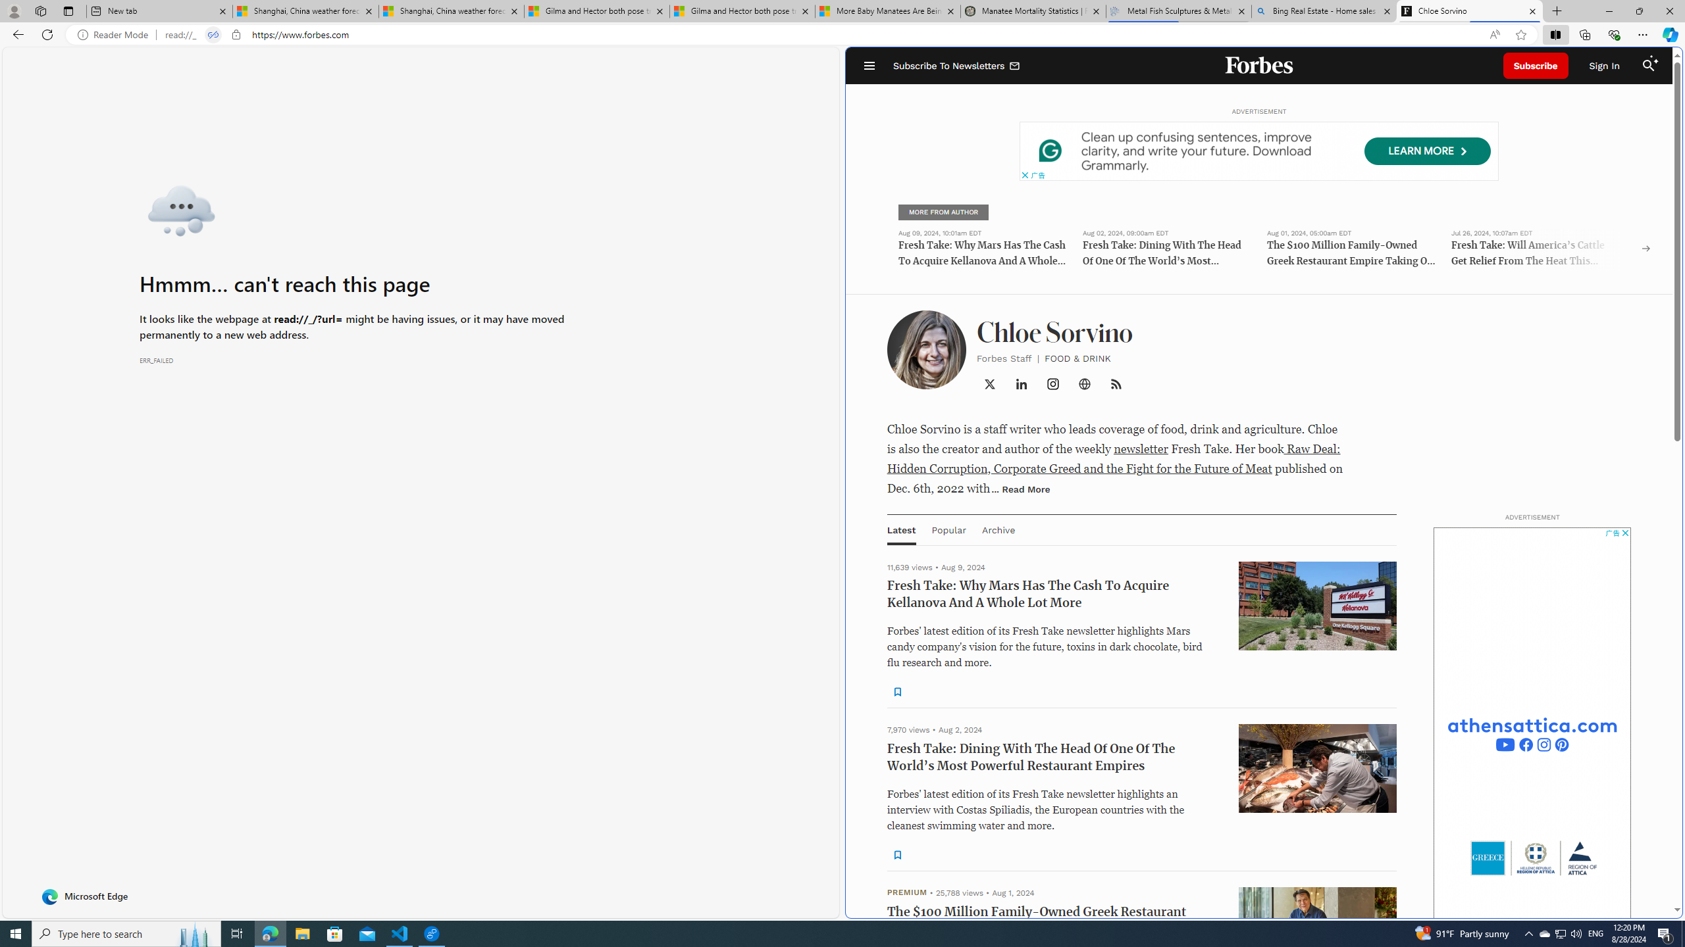 This screenshot has width=1685, height=947. What do you see at coordinates (212, 35) in the screenshot?
I see `'Tabs in split screen'` at bounding box center [212, 35].